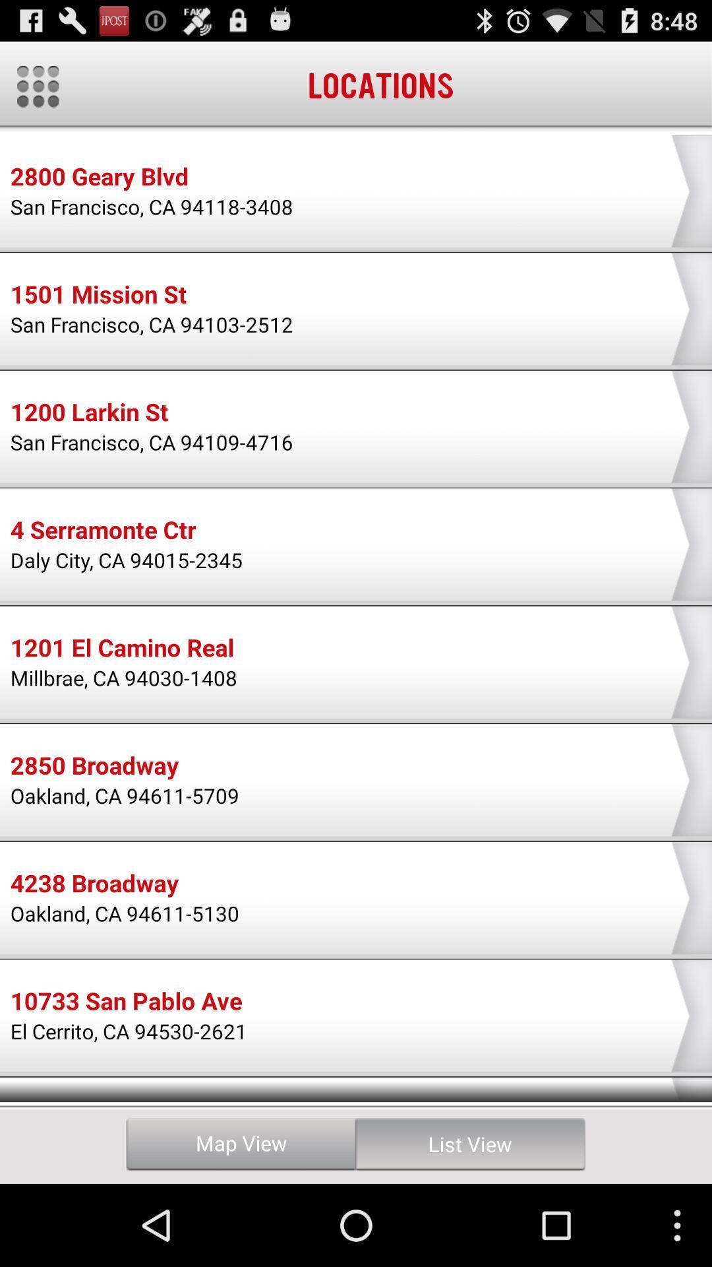 The image size is (712, 1267). Describe the element at coordinates (98, 296) in the screenshot. I see `the icon below san francisco ca app` at that location.